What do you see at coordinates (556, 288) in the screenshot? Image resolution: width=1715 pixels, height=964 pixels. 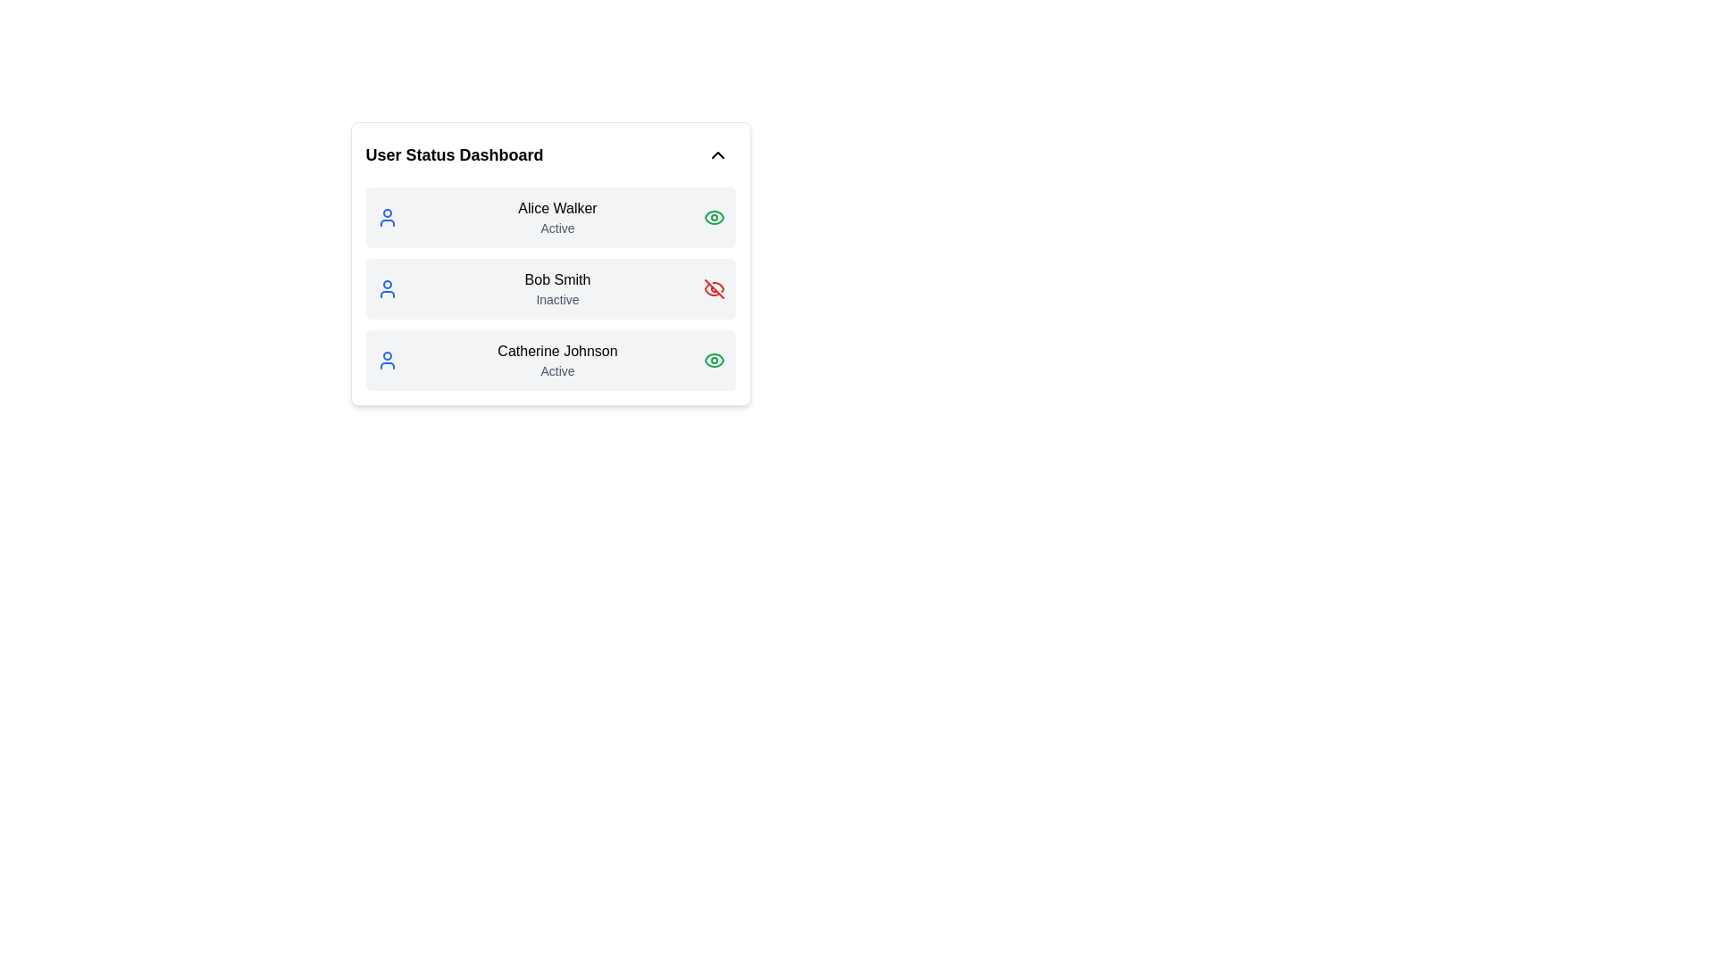 I see `the text label showing 'Bob Smith' and its status 'Inactive' within the light gray rectangular area` at bounding box center [556, 288].